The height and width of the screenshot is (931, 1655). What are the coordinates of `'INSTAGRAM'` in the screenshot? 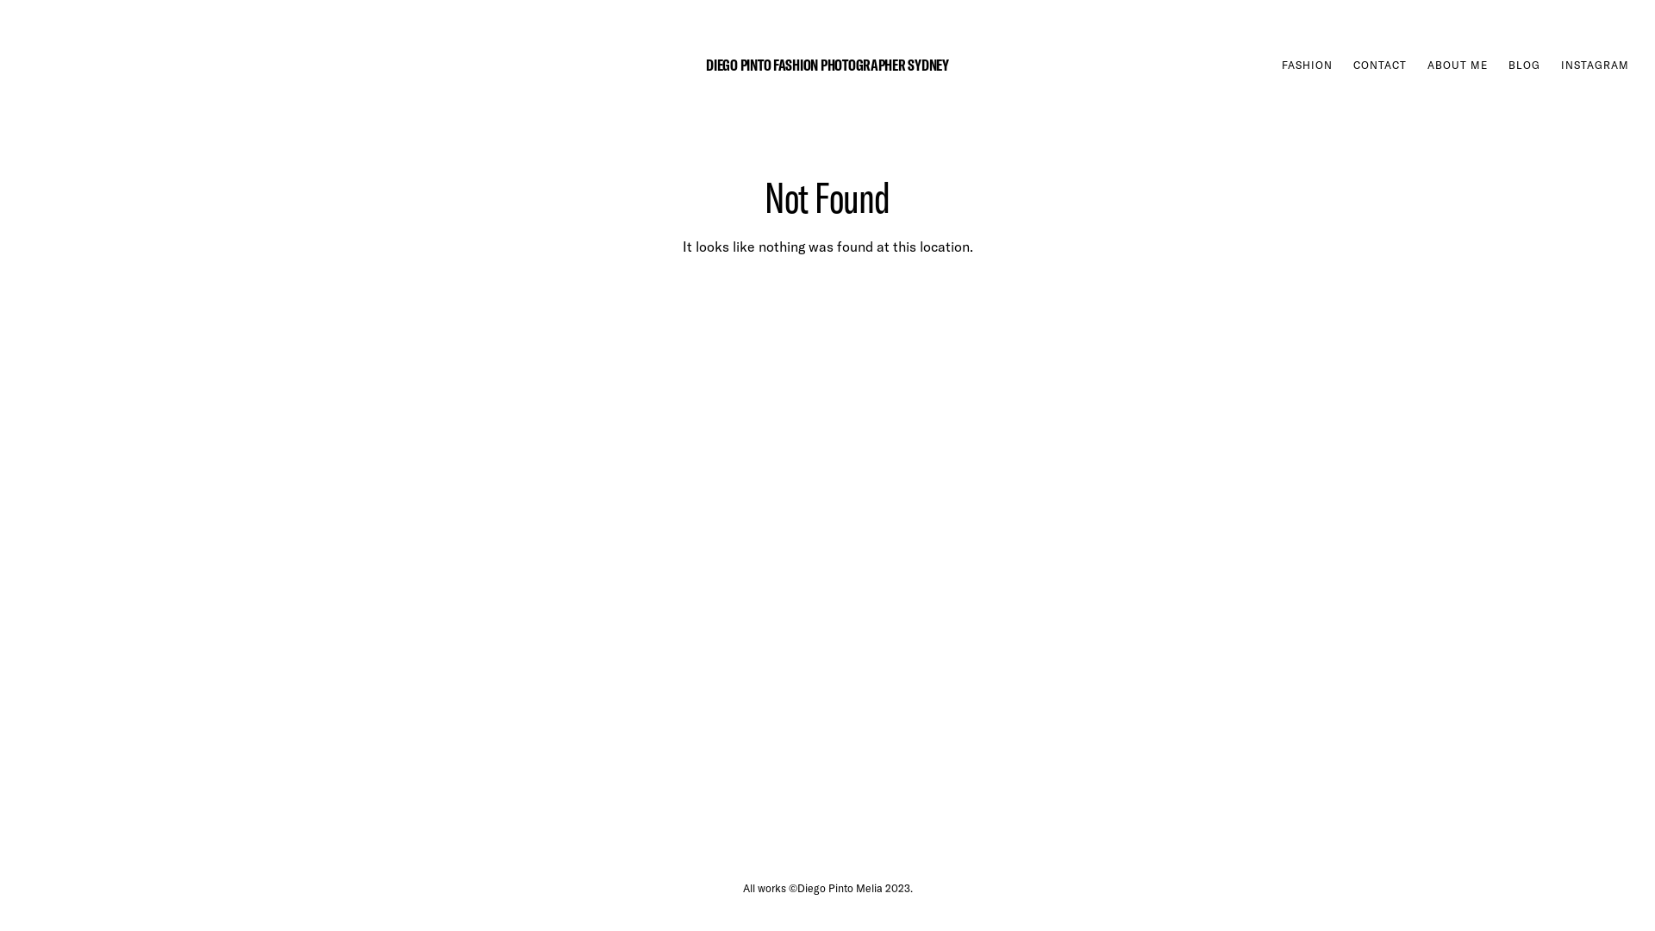 It's located at (1560, 64).